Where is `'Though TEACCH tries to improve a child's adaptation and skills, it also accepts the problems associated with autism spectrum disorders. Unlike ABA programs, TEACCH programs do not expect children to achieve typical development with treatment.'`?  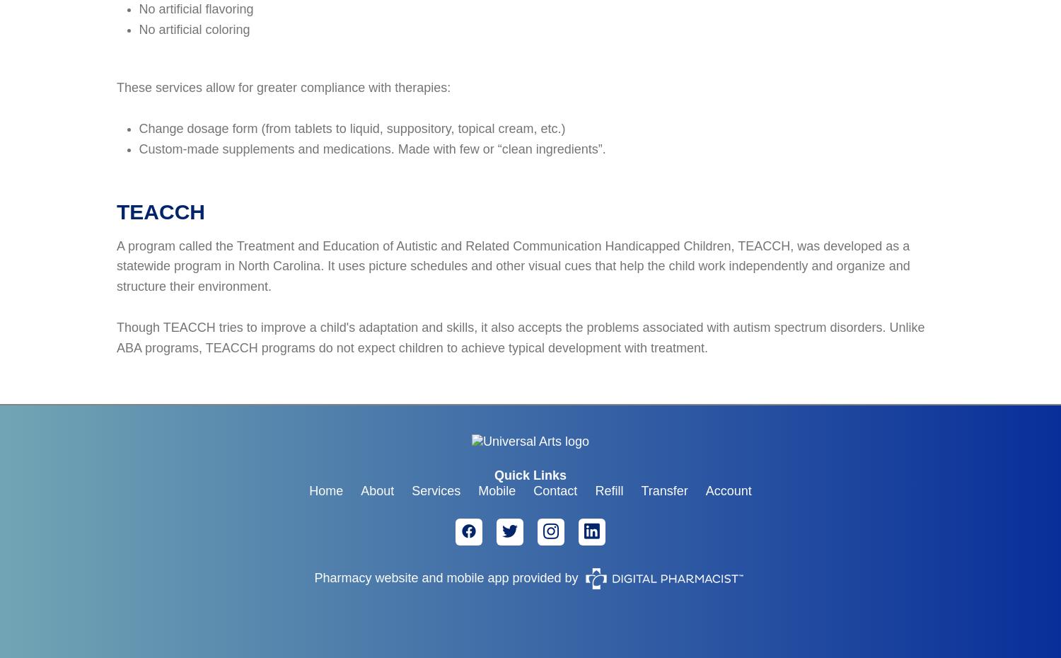
'Though TEACCH tries to improve a child's adaptation and skills, it also accepts the problems associated with autism spectrum disorders. Unlike ABA programs, TEACCH programs do not expect children to achieve typical development with treatment.' is located at coordinates (520, 336).